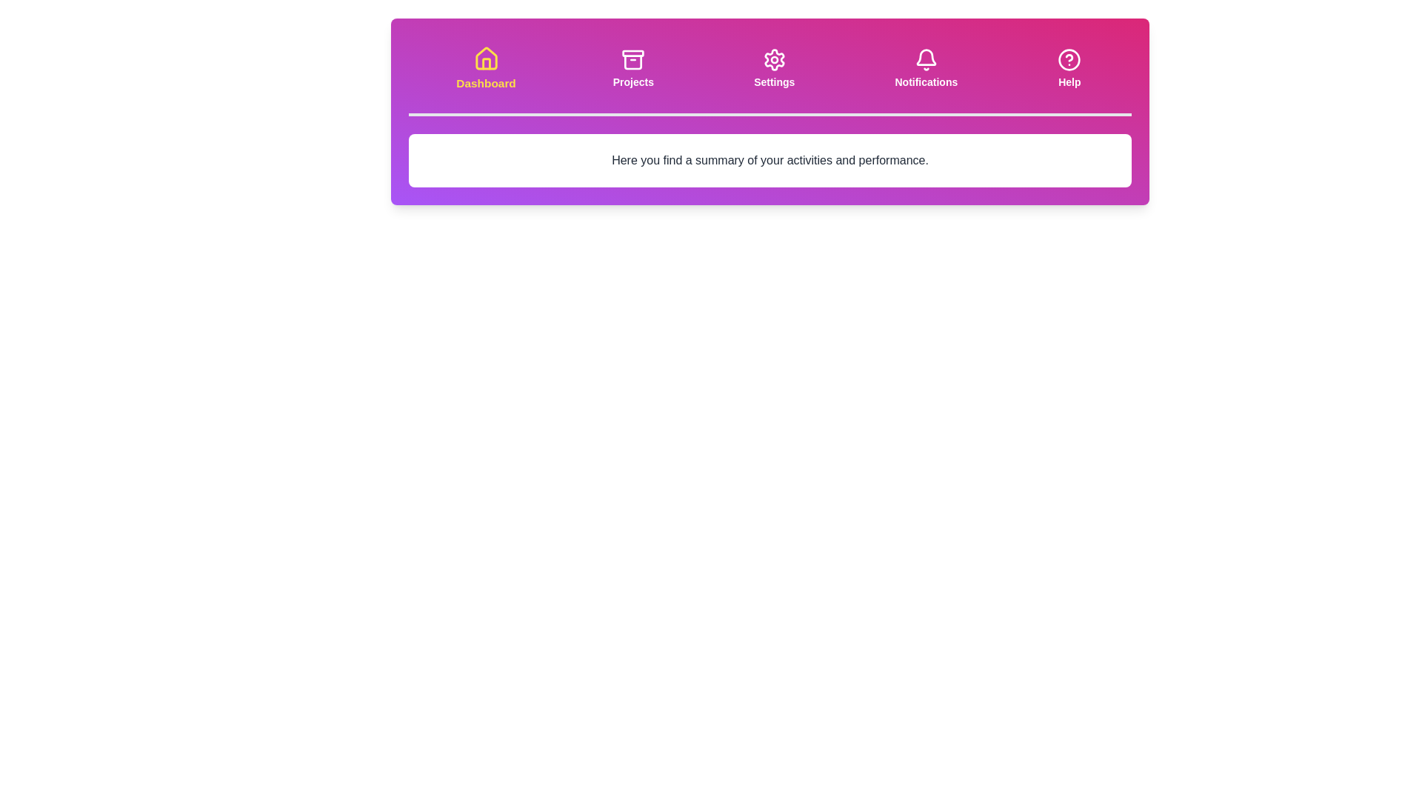  I want to click on the Projects tab to activate it, so click(633, 68).